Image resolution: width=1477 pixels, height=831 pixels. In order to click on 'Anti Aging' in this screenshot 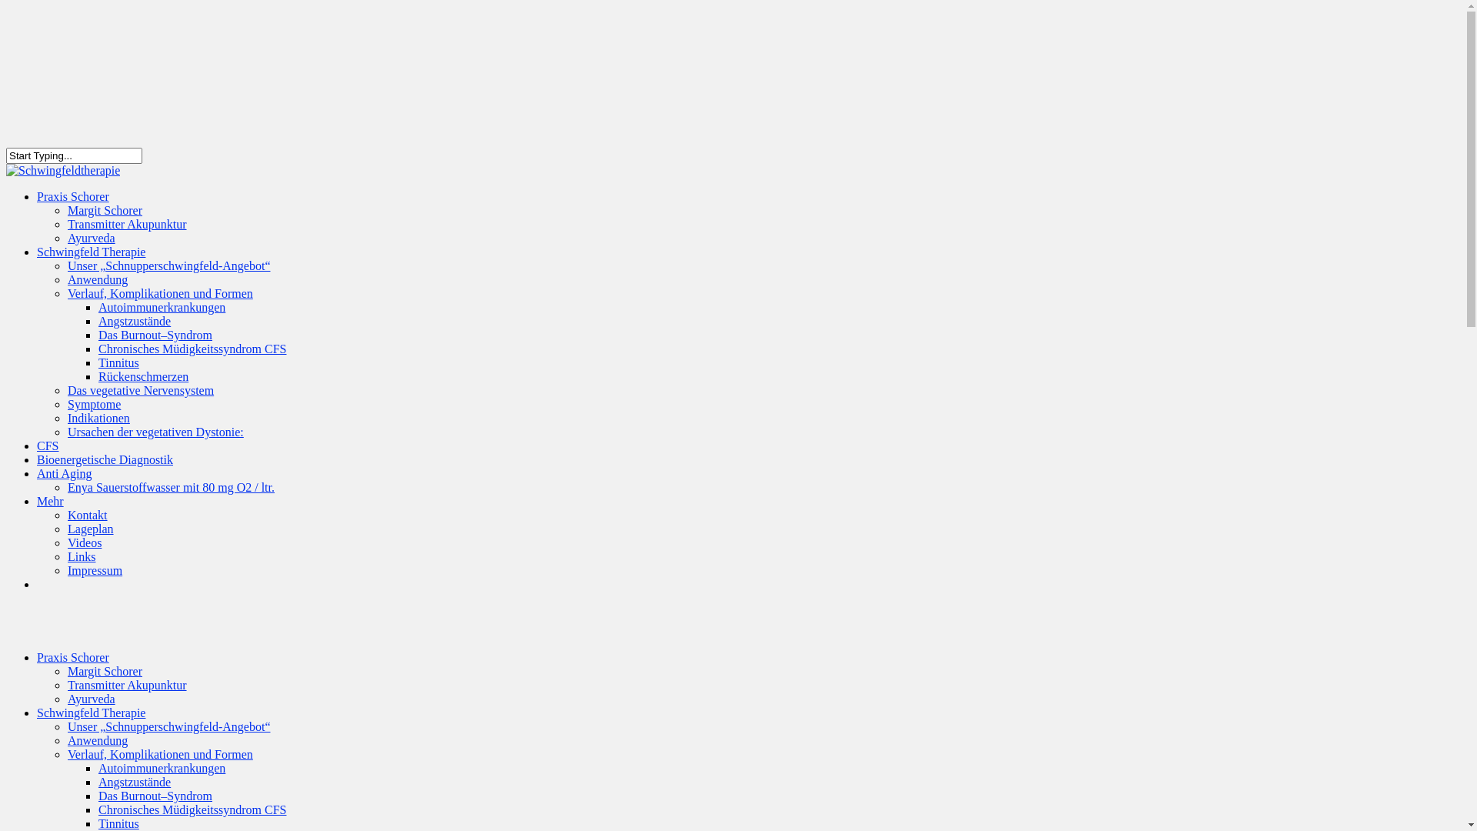, I will do `click(37, 483)`.